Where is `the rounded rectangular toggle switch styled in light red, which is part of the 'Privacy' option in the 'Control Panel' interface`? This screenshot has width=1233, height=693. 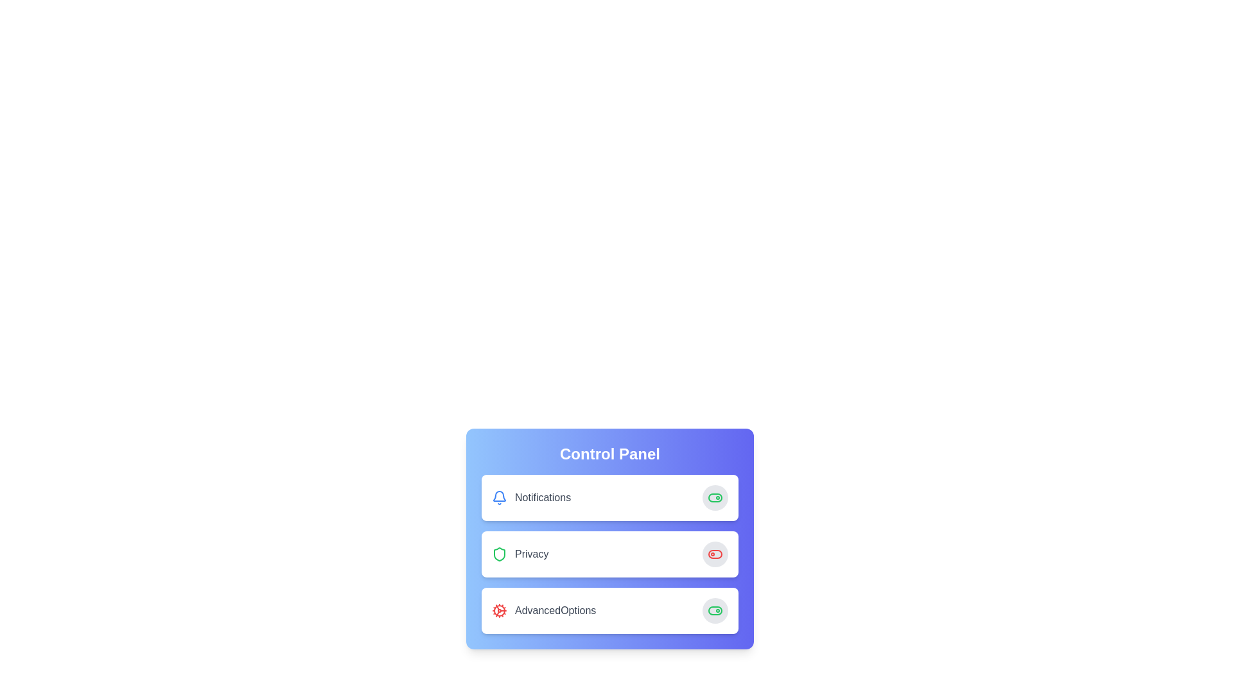 the rounded rectangular toggle switch styled in light red, which is part of the 'Privacy' option in the 'Control Panel' interface is located at coordinates (714, 554).